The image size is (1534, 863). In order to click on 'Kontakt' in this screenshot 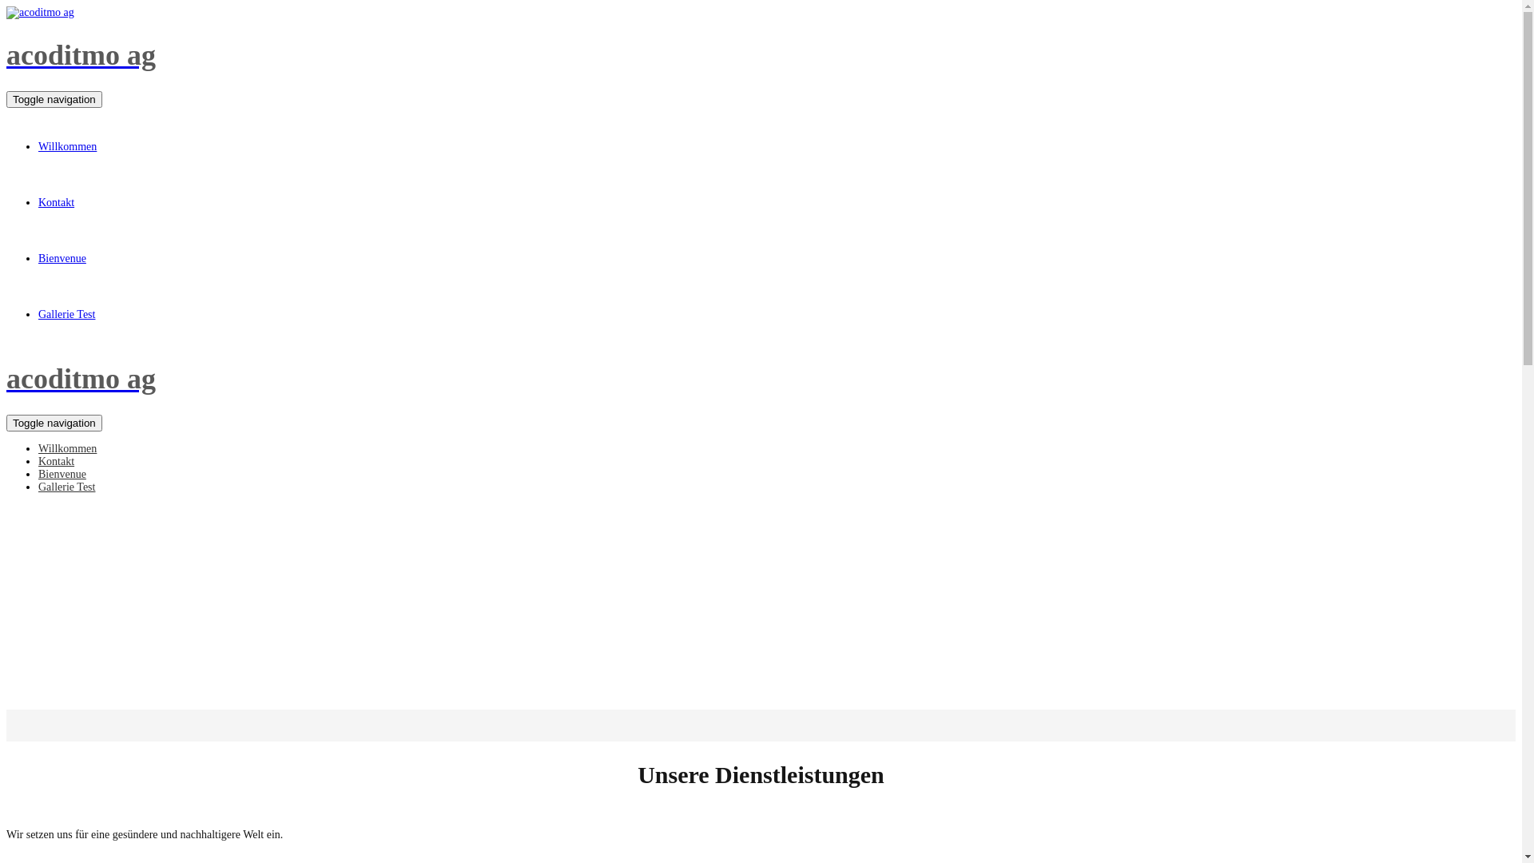, I will do `click(56, 462)`.